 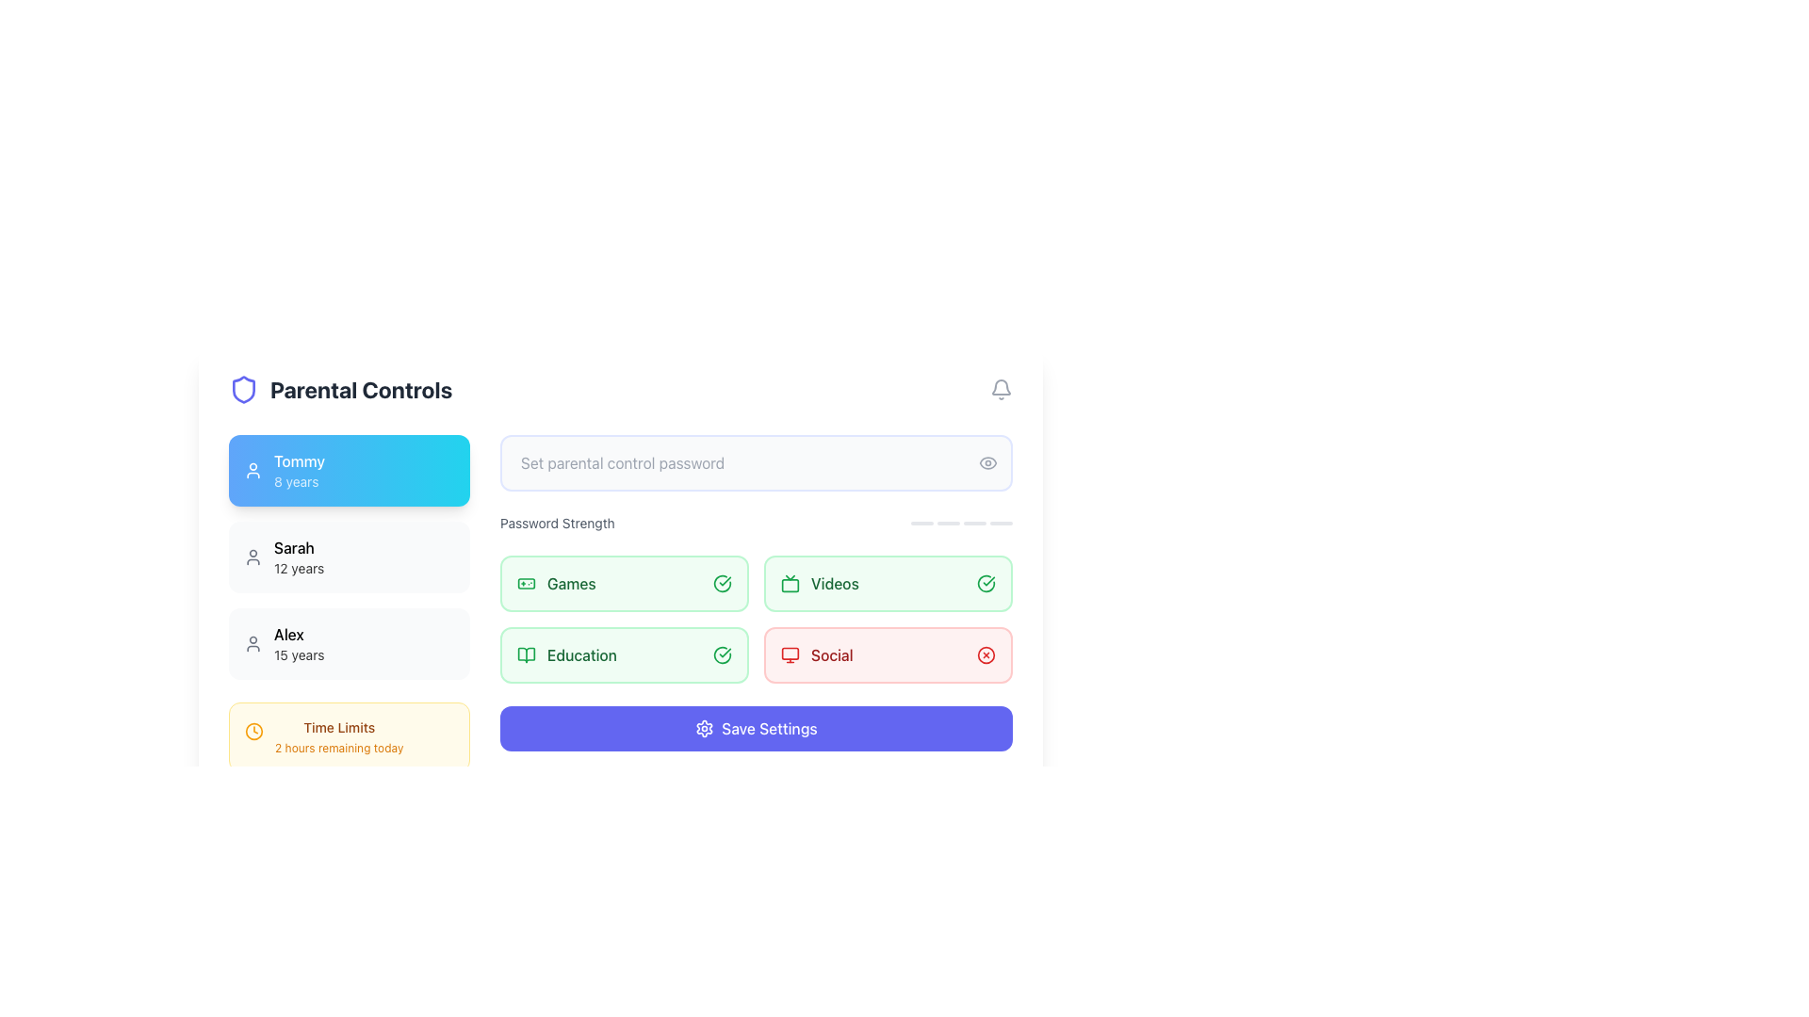 I want to click on label displaying the name 'Alex' in bold style, which is the third entry in the user listing section, so click(x=298, y=635).